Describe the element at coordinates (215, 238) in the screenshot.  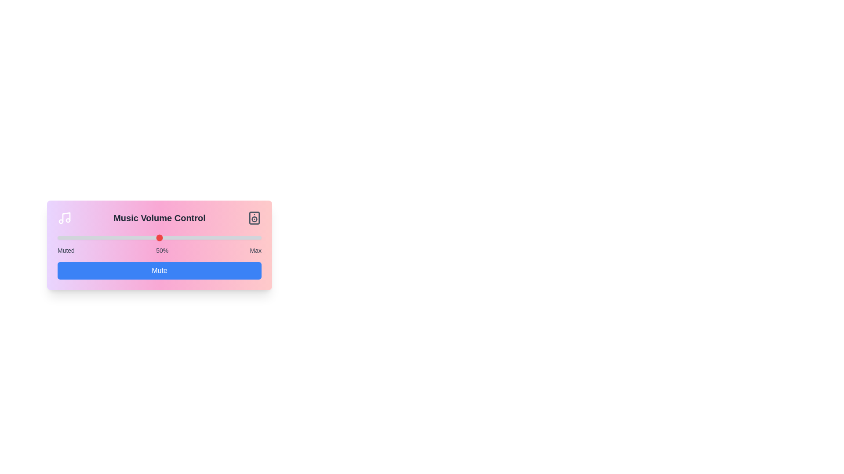
I see `the volume slider to 77%` at that location.